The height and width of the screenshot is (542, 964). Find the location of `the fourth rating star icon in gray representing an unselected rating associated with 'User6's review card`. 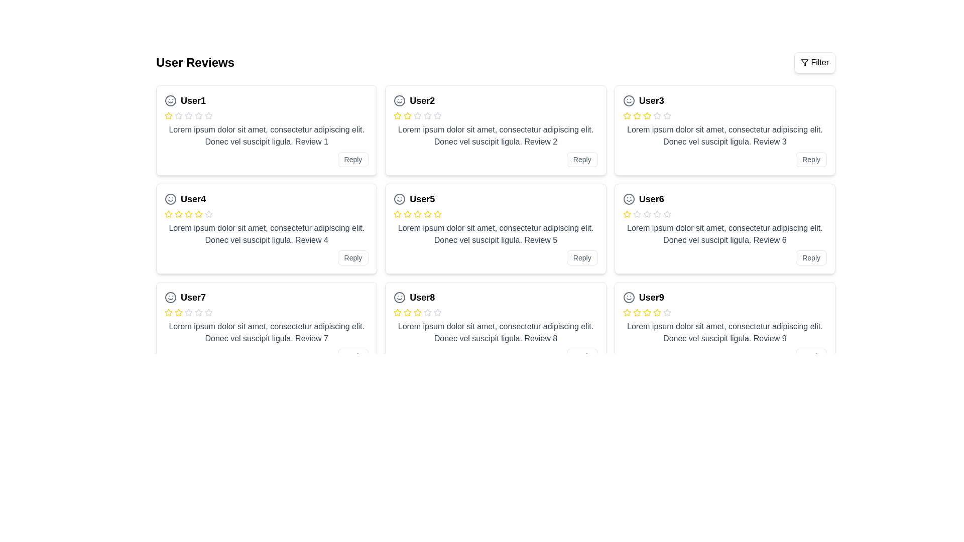

the fourth rating star icon in gray representing an unselected rating associated with 'User6's review card is located at coordinates (647, 214).